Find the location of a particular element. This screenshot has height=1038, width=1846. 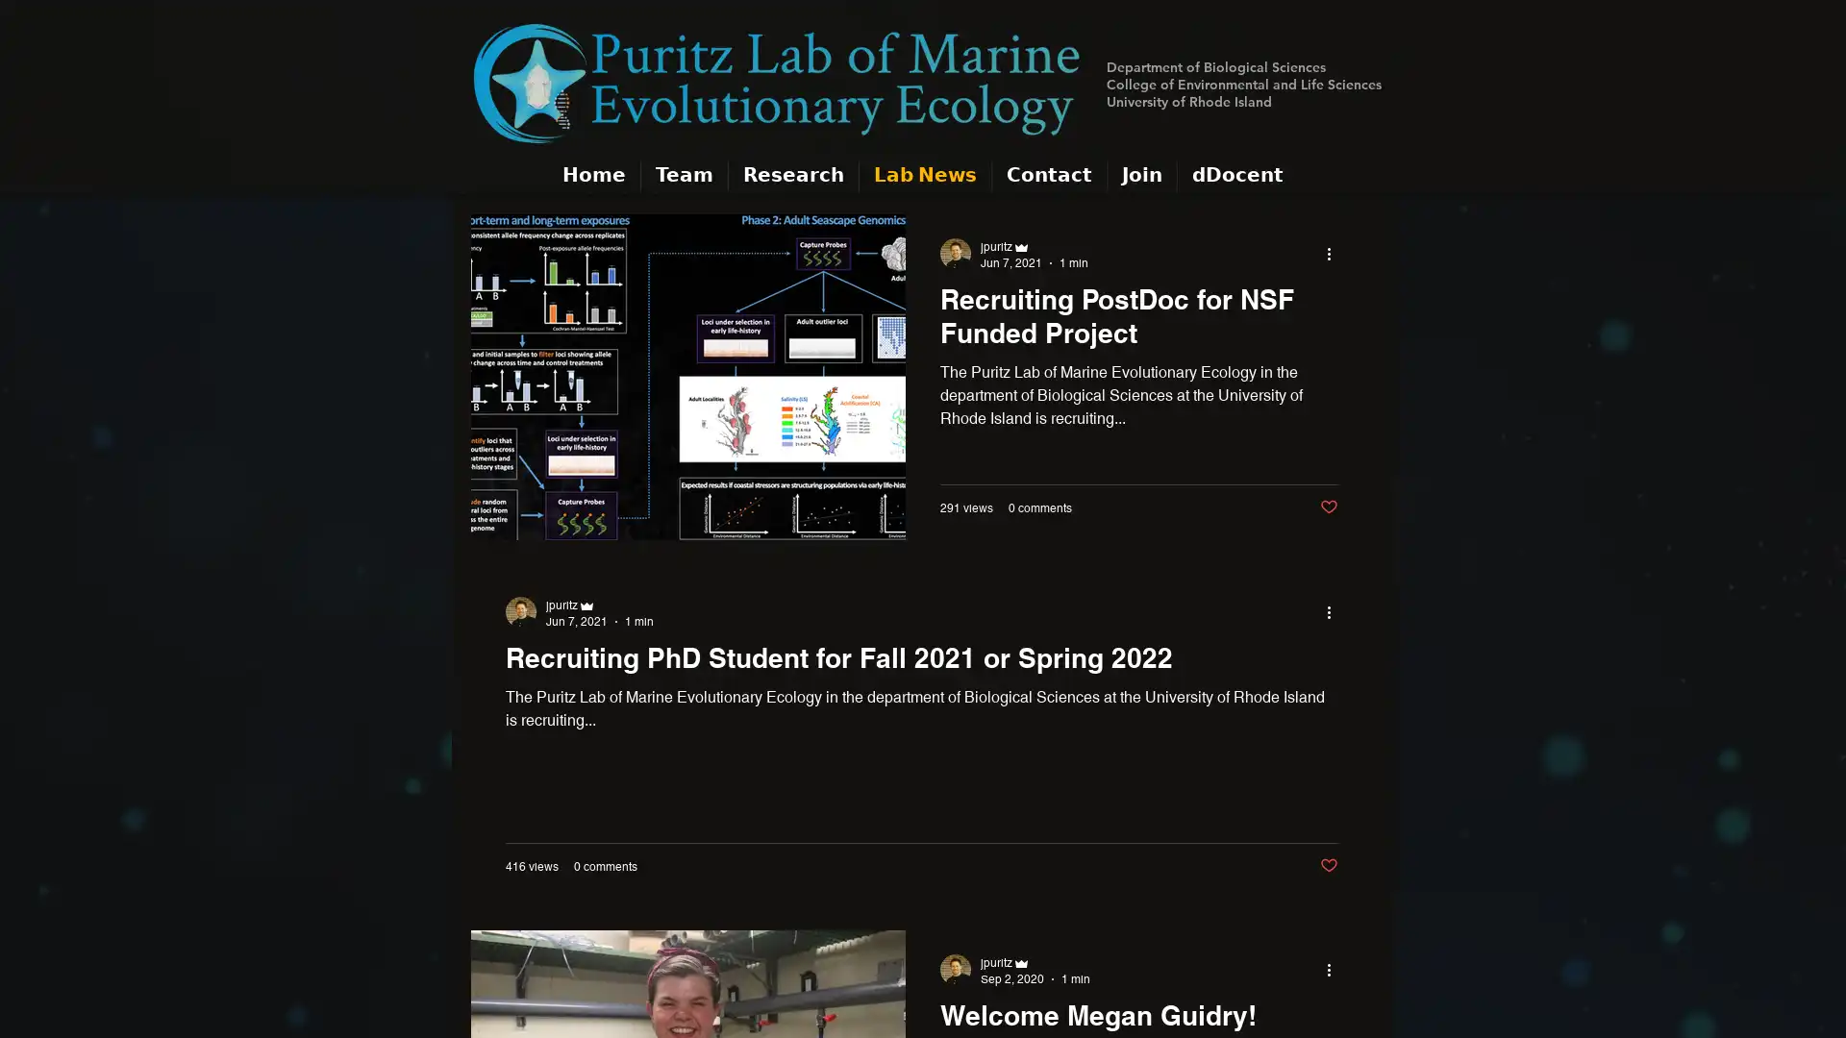

Post not marked as liked is located at coordinates (1328, 507).